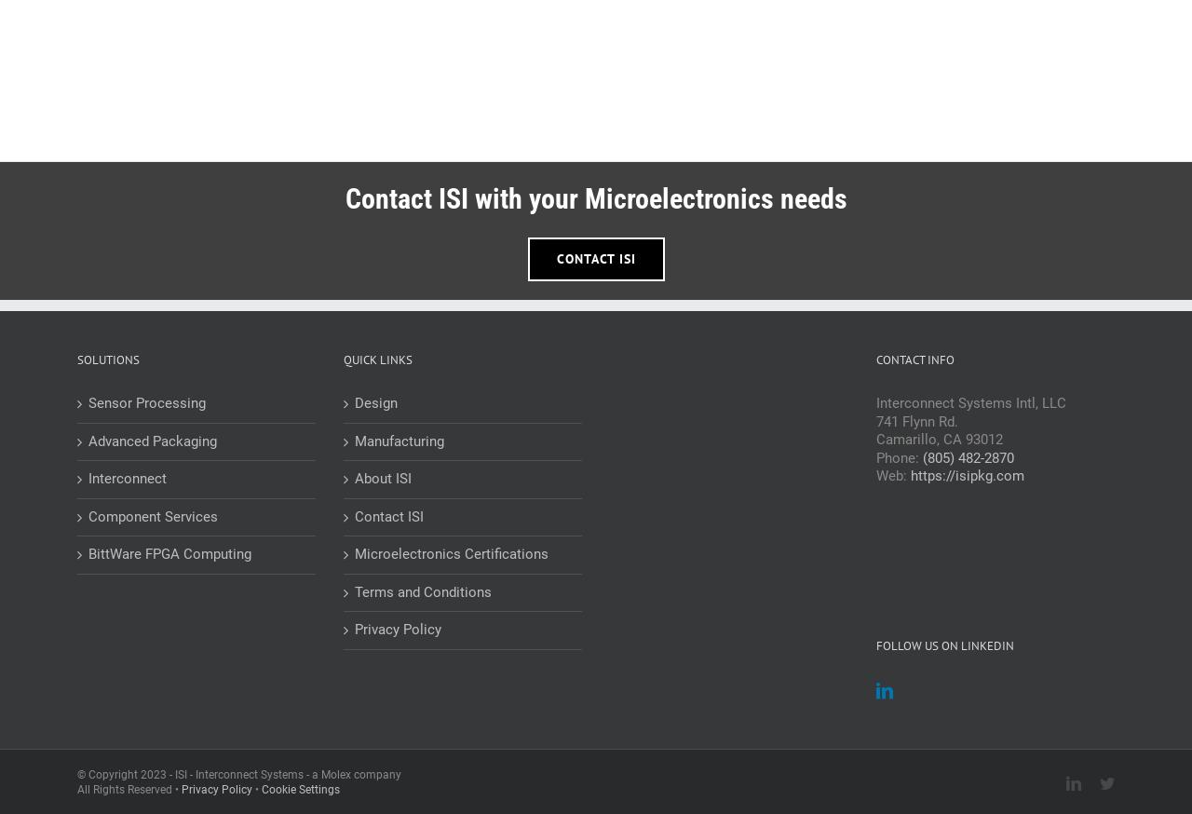 This screenshot has width=1192, height=814. Describe the element at coordinates (900, 456) in the screenshot. I see `'Phone:'` at that location.